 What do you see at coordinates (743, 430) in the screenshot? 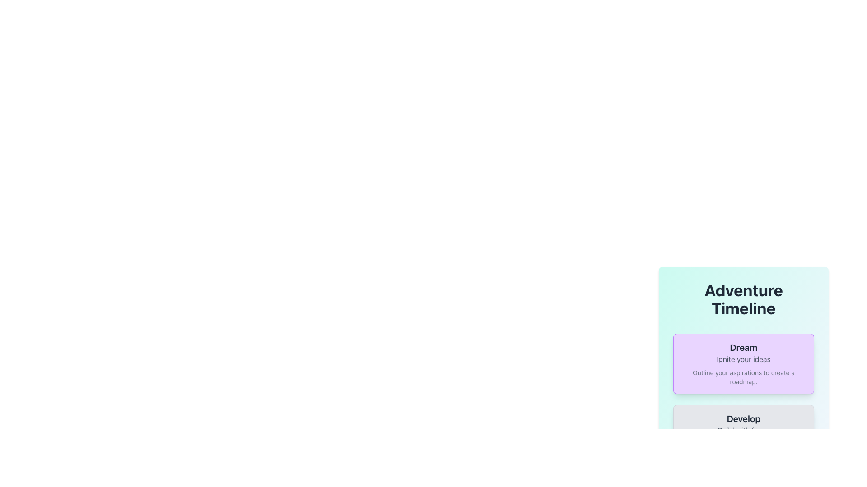
I see `text label that serves as a secondary description within the card structure, located below the title 'Develop'` at bounding box center [743, 430].